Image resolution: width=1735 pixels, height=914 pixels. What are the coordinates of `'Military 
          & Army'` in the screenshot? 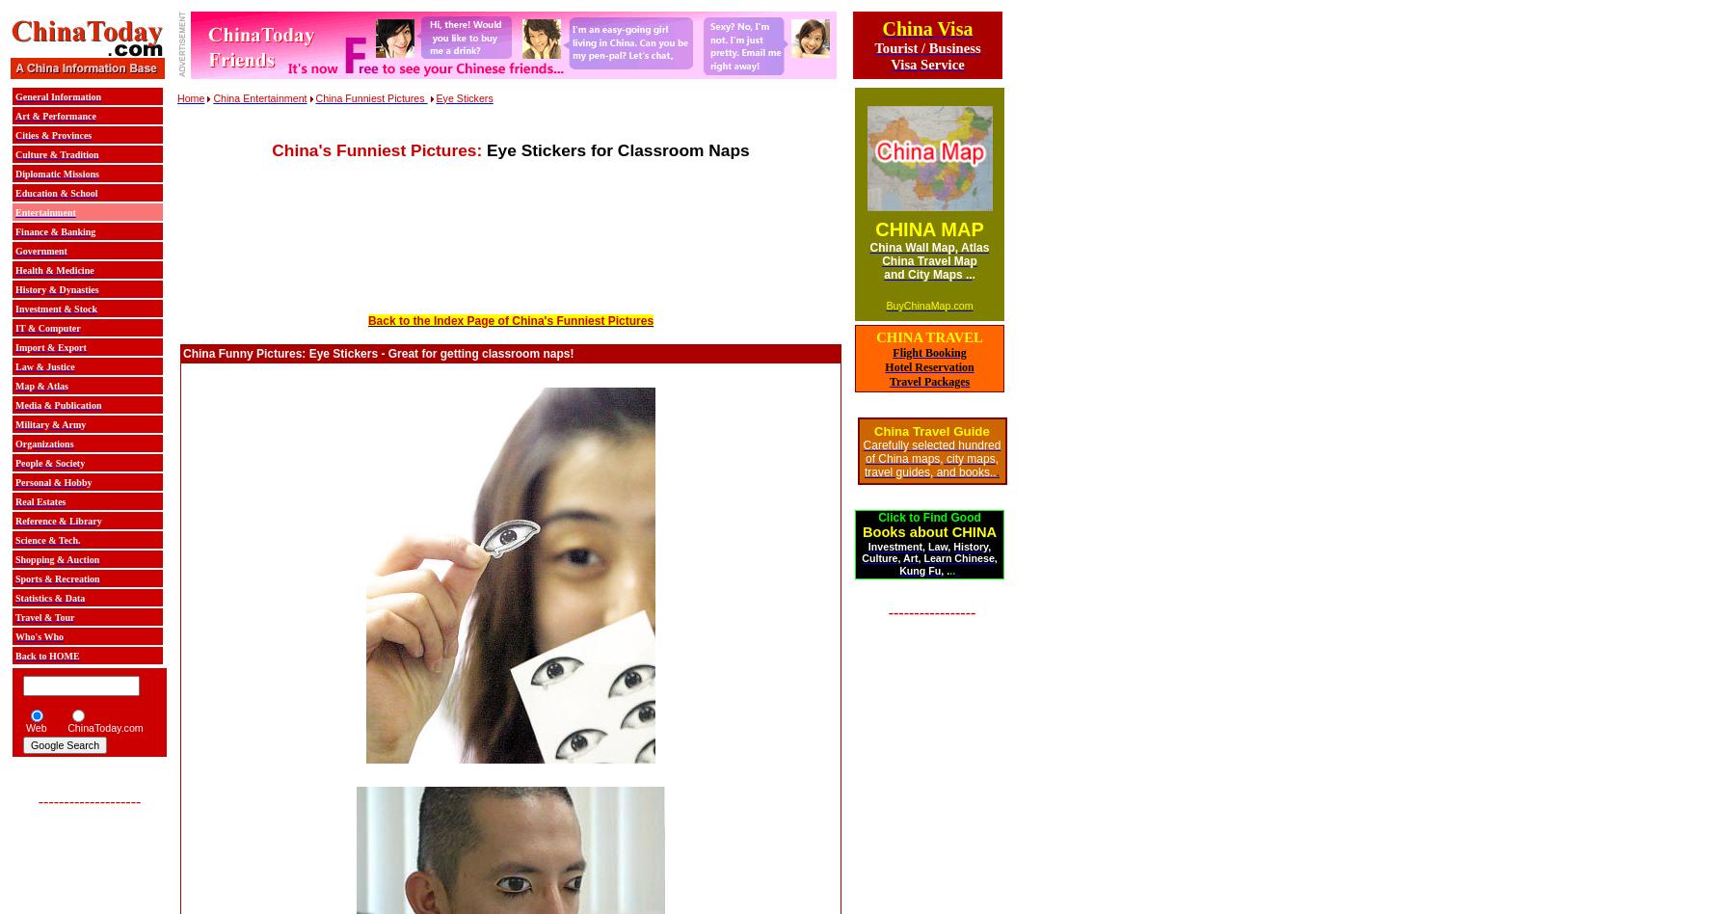 It's located at (49, 422).